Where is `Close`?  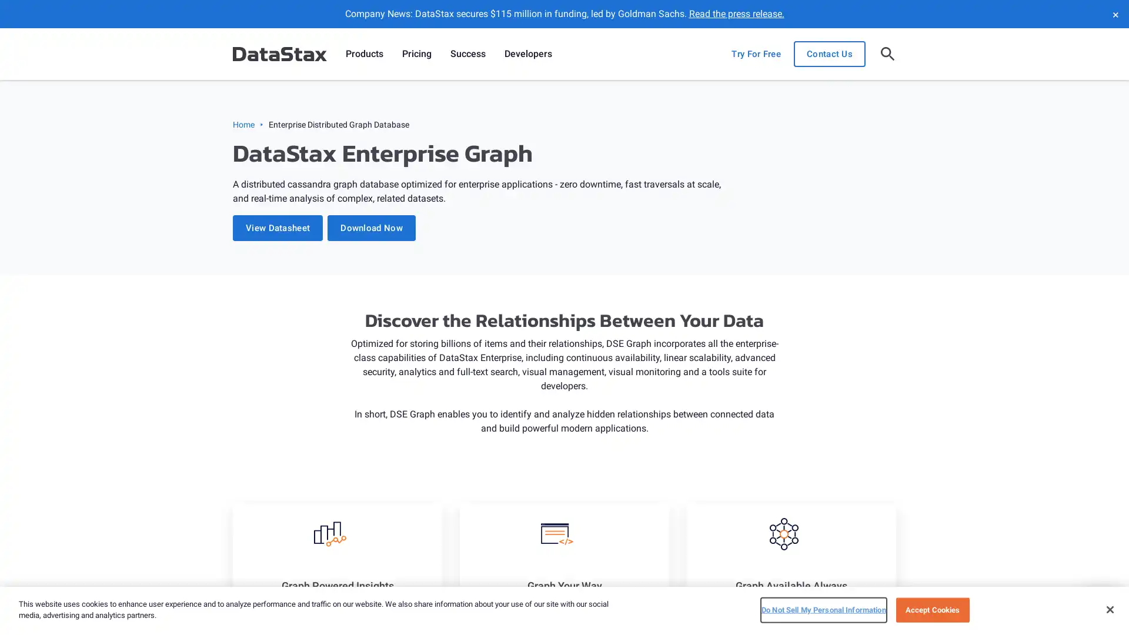
Close is located at coordinates (1109, 609).